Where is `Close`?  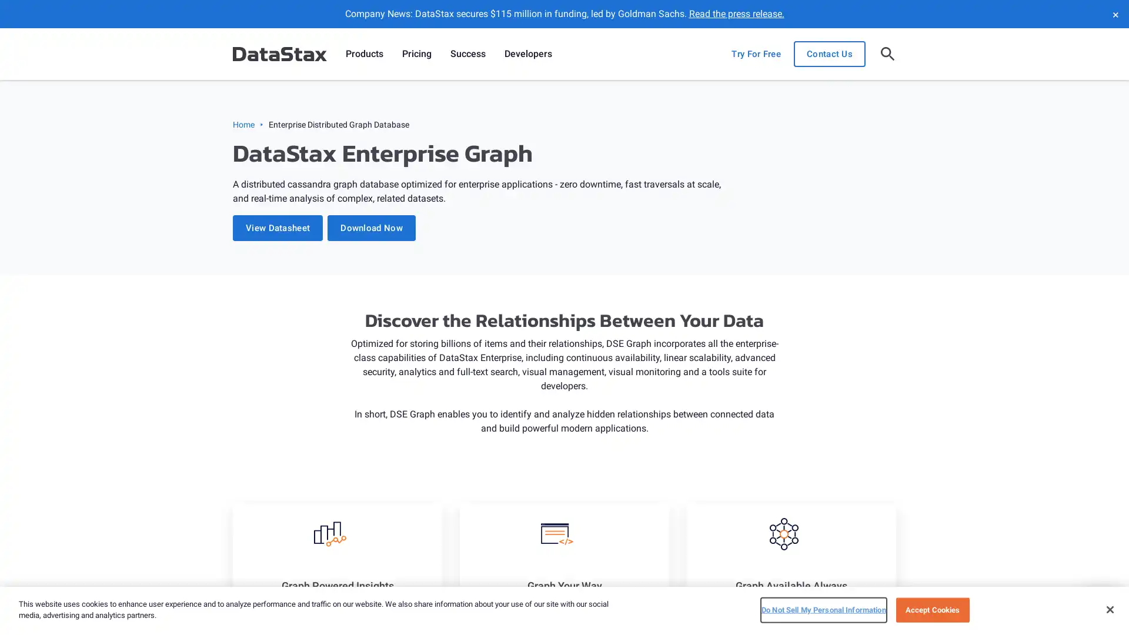
Close is located at coordinates (1109, 609).